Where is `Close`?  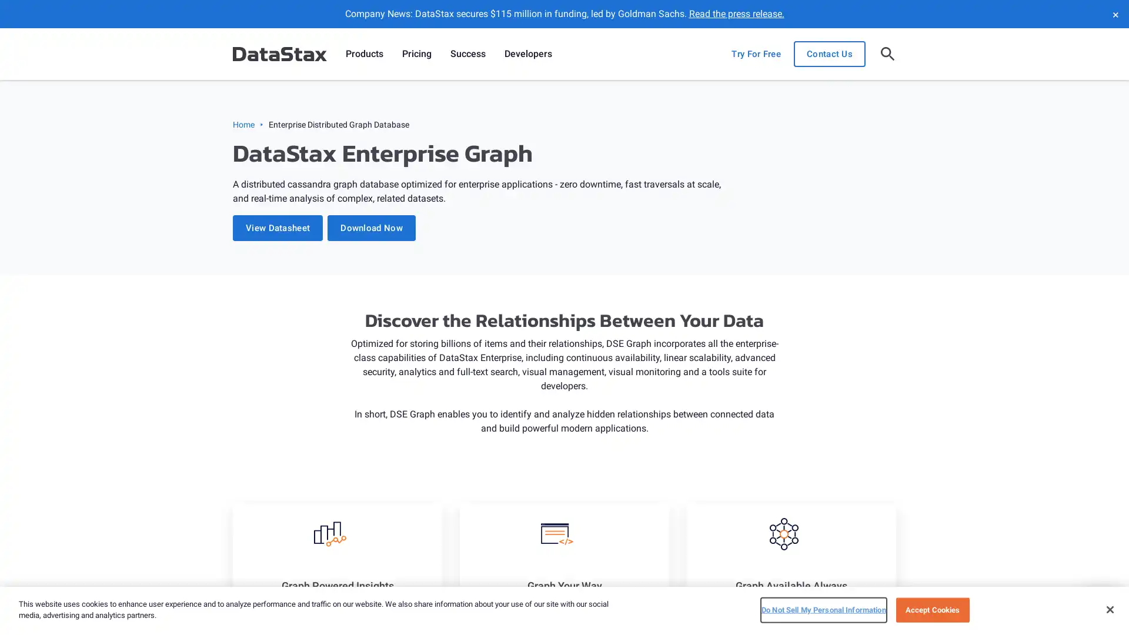
Close is located at coordinates (1109, 609).